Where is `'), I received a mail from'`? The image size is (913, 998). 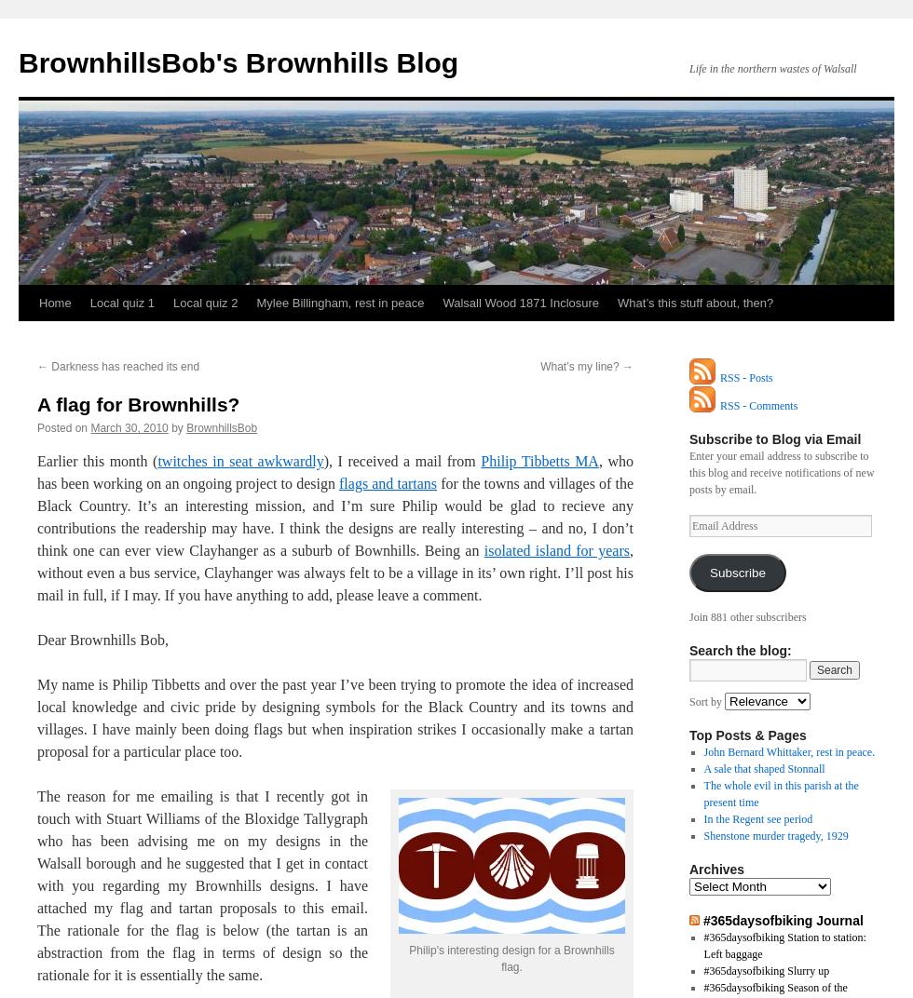
'), I received a mail from' is located at coordinates (323, 461).